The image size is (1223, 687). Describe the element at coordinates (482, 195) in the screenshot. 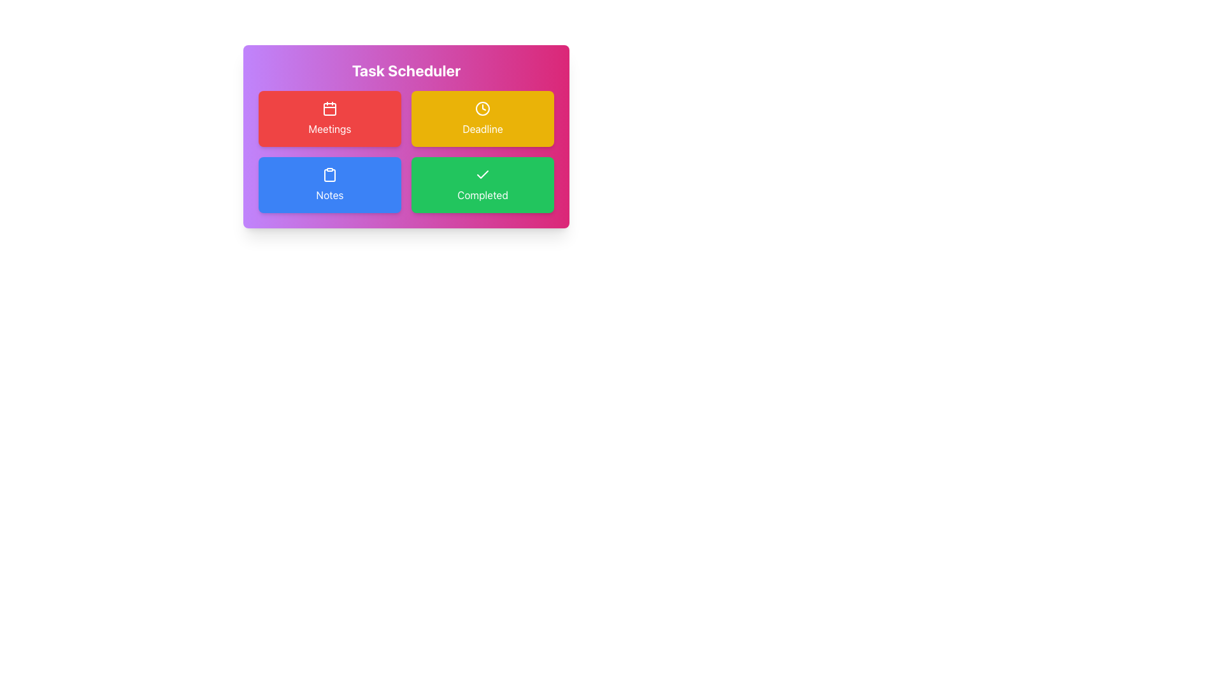

I see `the 'Completed' text label, which is a descriptor for the button's purpose located below a checkmark icon in the bottom-right corner of the four-button grid within a 'Task Scheduler' card` at that location.